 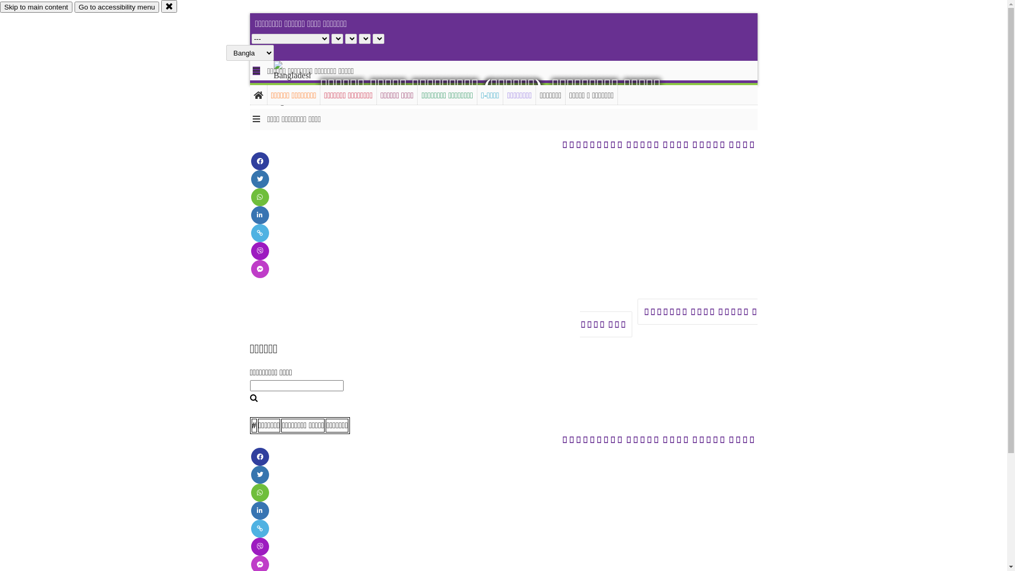 What do you see at coordinates (301, 83) in the screenshot?
I see `'` at bounding box center [301, 83].